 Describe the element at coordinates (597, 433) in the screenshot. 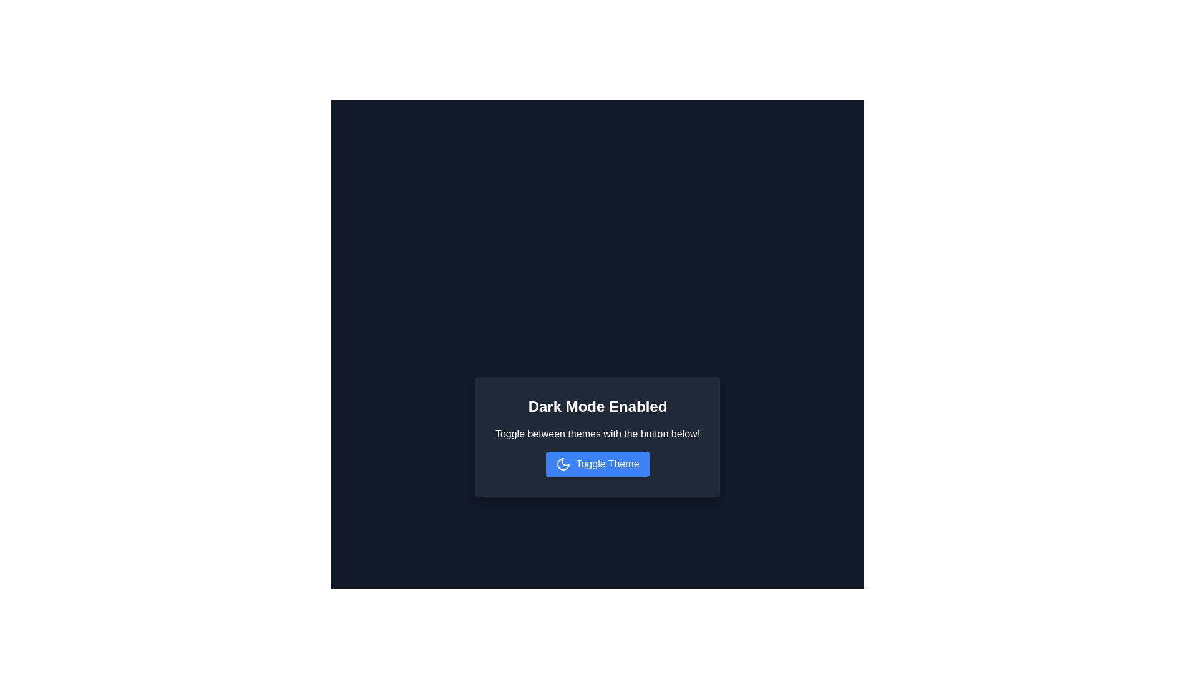

I see `the descriptive text element that reads 'Toggle between themes with the button below!', located below the heading 'Dark Mode Enabled'` at that location.